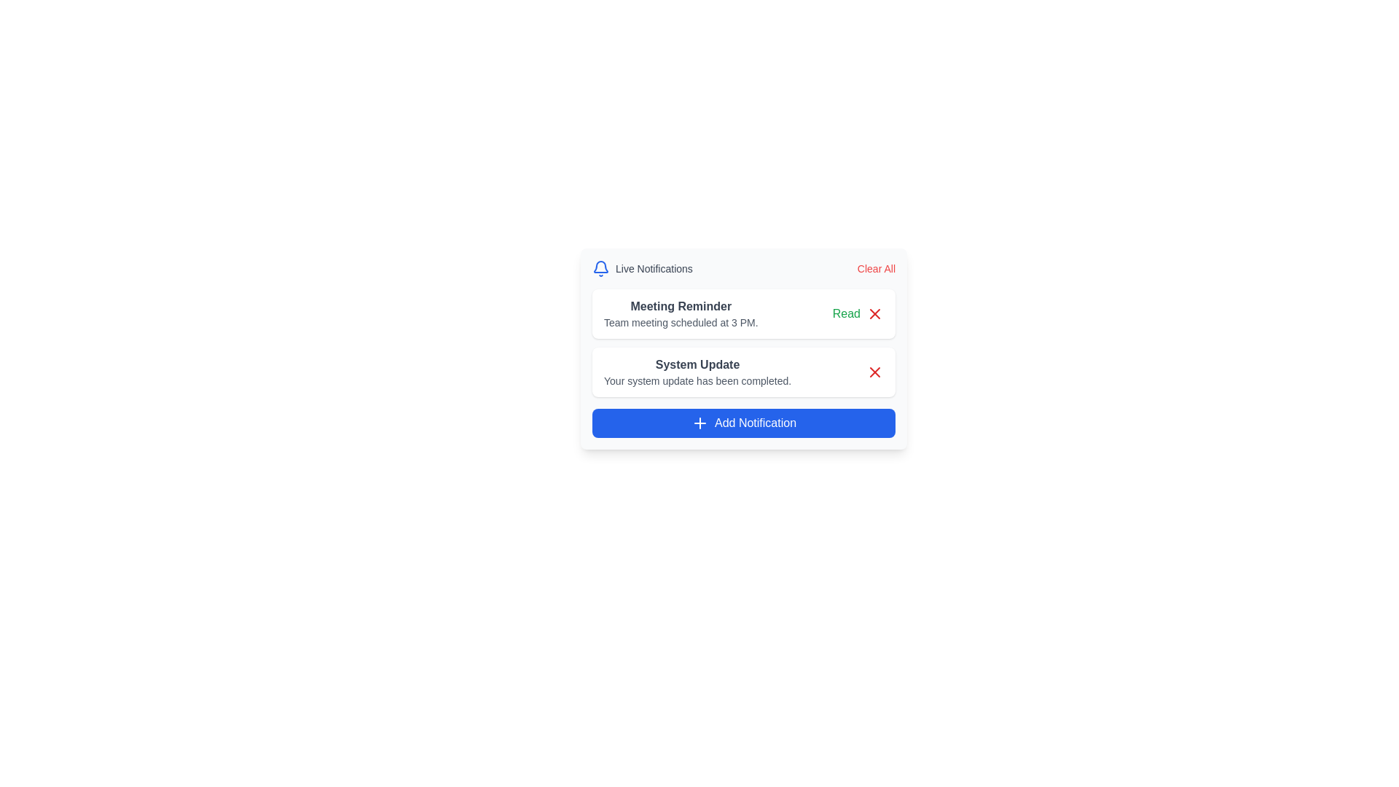 This screenshot has height=787, width=1399. What do you see at coordinates (858, 313) in the screenshot?
I see `the 'read status' text within the 'Meeting Reminder' notification card` at bounding box center [858, 313].